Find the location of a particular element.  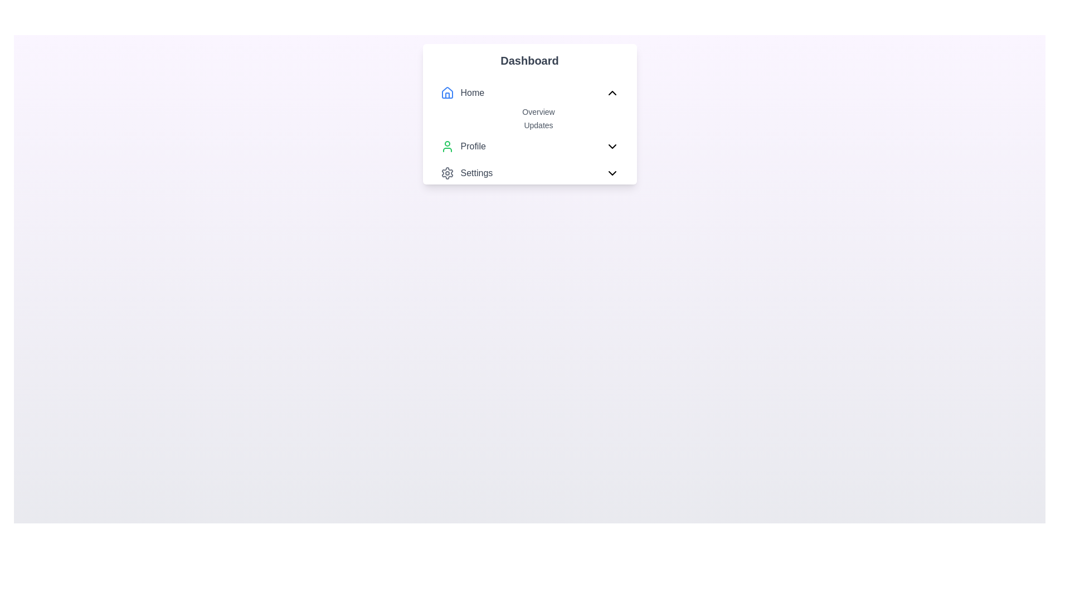

the 'Updates' label, which is styled in gray color and underlined on hover, located under the 'Dashboard' panel as the second item in the vertical list following 'Overview' is located at coordinates (538, 125).